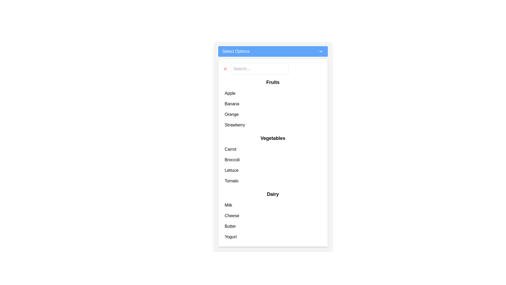 This screenshot has height=285, width=506. I want to click on the 'Strawberry' option in the 'Fruits' list, so click(273, 125).